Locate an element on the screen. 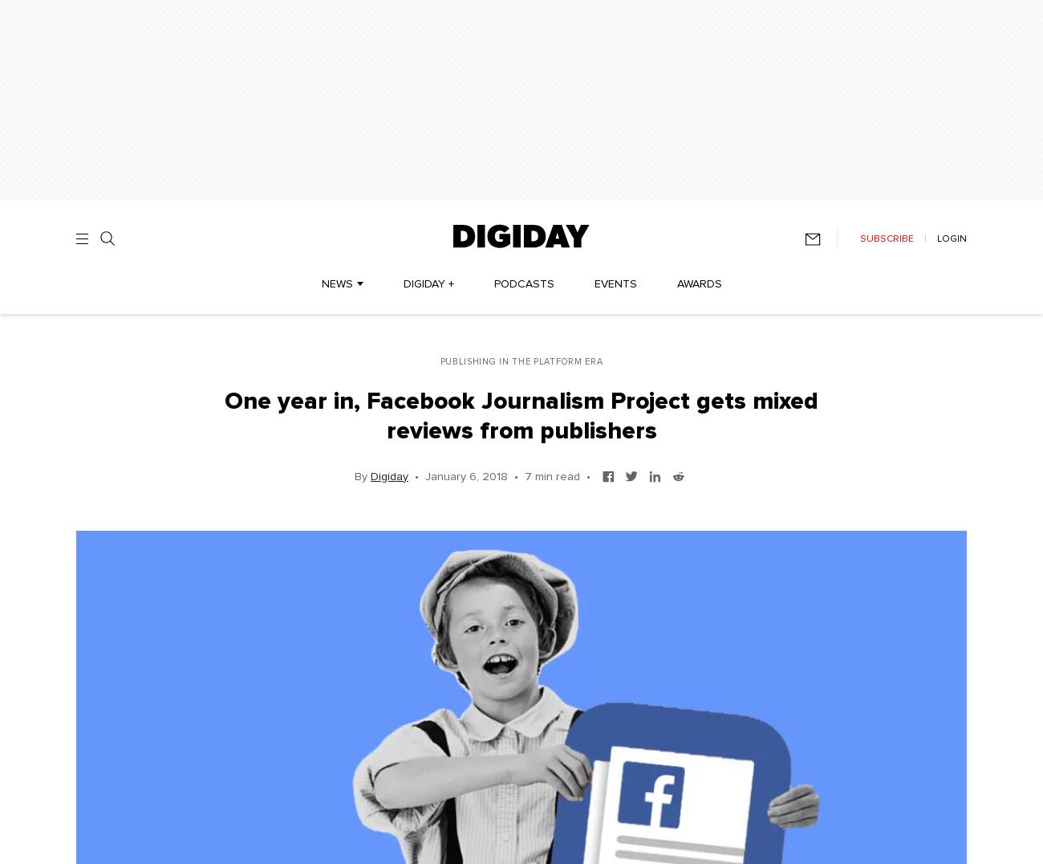 This screenshot has height=864, width=1043. 'Digiday +' is located at coordinates (428, 284).